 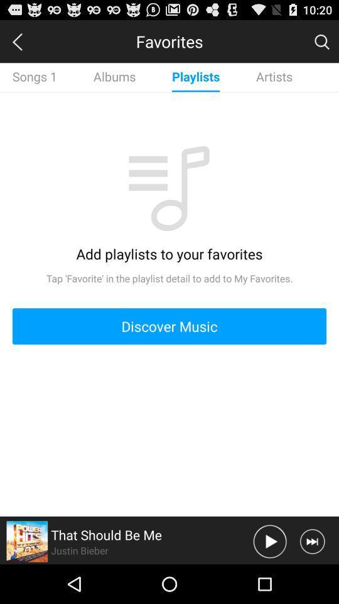 I want to click on the skip_next icon, so click(x=311, y=579).